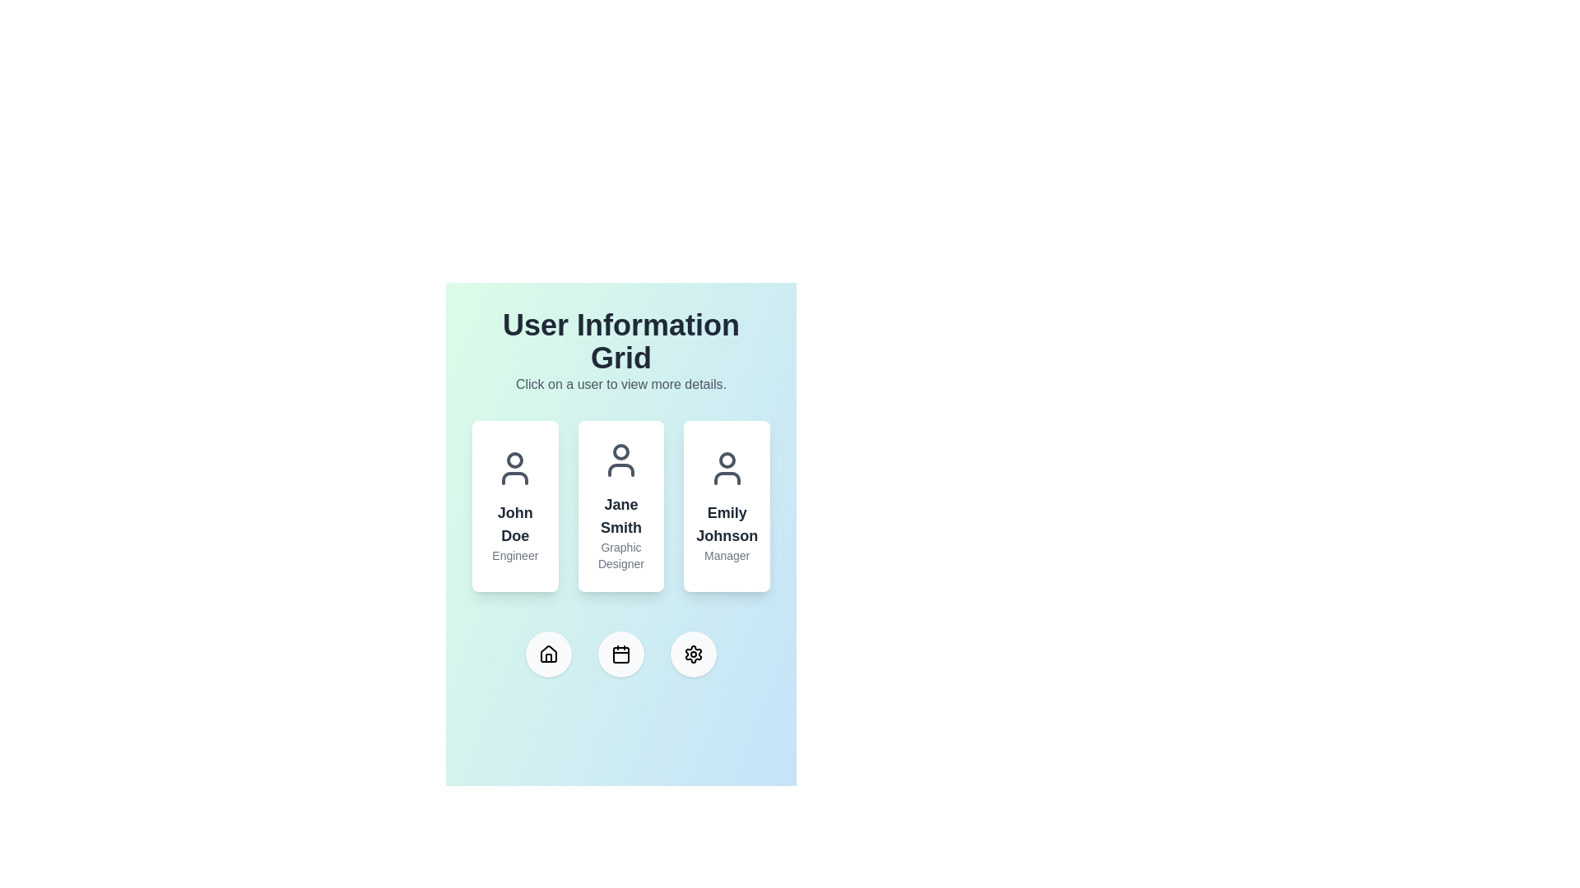  Describe the element at coordinates (620, 653) in the screenshot. I see `the middle rounded button with a white background and a calendar icon` at that location.